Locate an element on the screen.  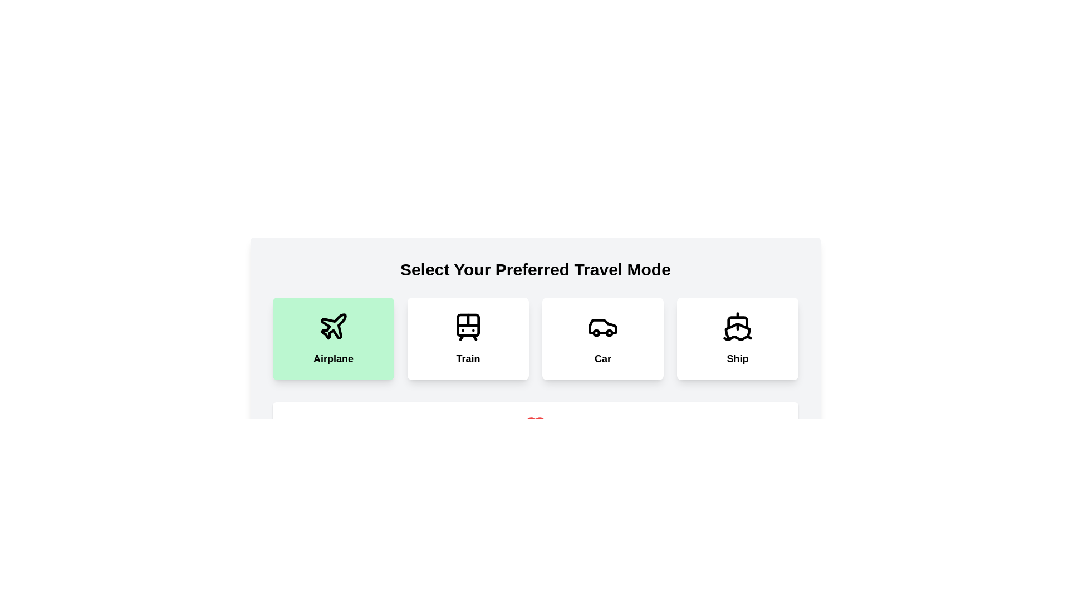
the text label 'Ship' which is positioned under the ship icon in the last card of a row of four travel mode cards is located at coordinates (737, 358).